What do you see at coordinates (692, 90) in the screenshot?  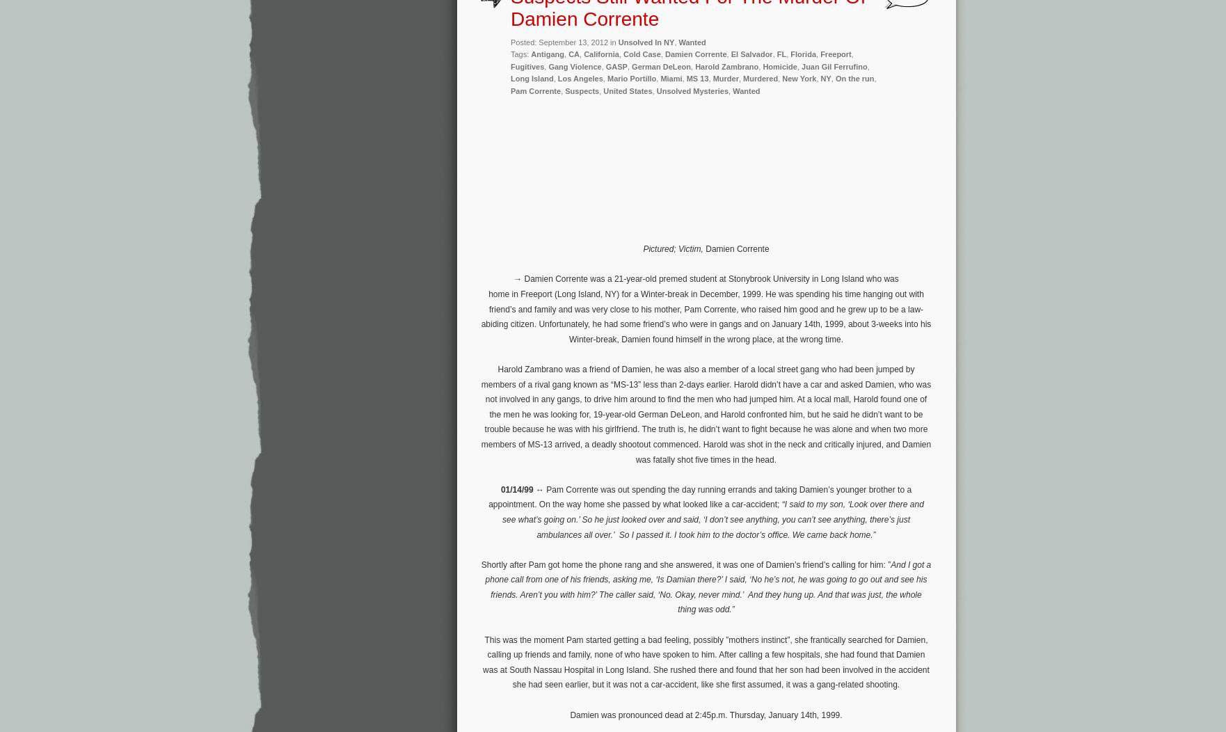 I see `'Unsolved Mysteries'` at bounding box center [692, 90].